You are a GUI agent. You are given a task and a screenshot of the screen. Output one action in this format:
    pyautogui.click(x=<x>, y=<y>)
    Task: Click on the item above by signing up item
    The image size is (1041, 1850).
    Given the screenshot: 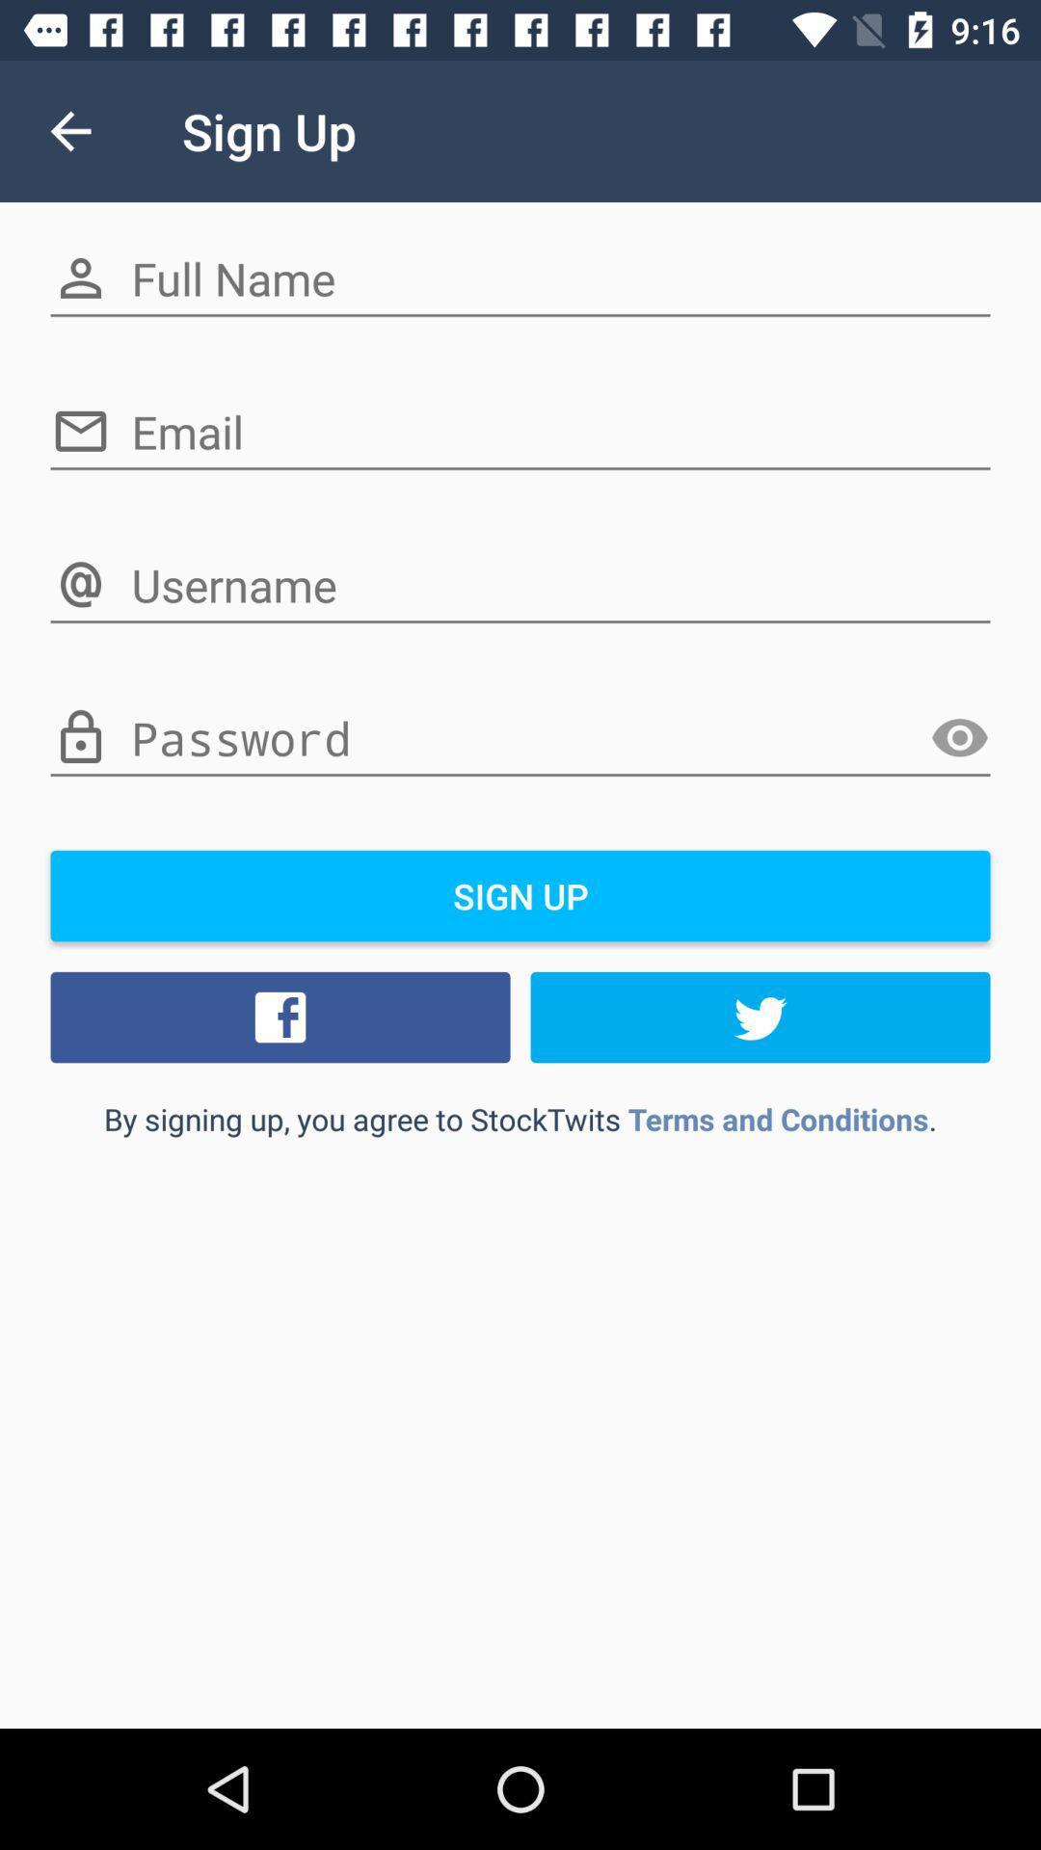 What is the action you would take?
    pyautogui.click(x=760, y=1017)
    